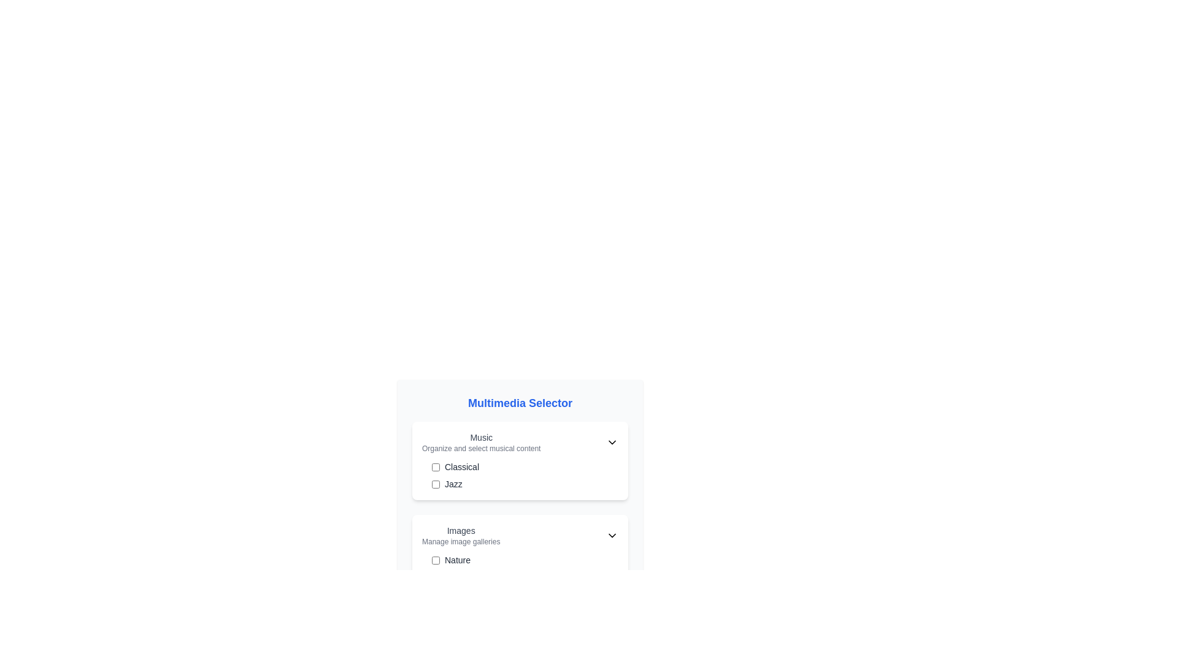 The image size is (1178, 662). I want to click on the multimedia content selector interface located in the middle-bottom part of the 'Multimedia Selector' panel, so click(520, 516).